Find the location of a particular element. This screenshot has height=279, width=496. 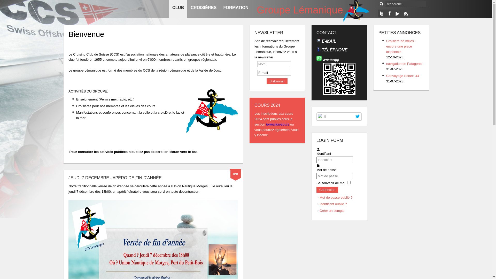

'Youtube' is located at coordinates (393, 13).